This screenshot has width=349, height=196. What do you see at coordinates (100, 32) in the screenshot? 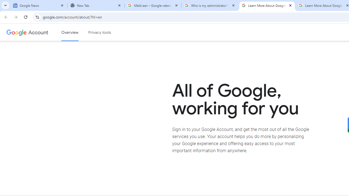
I see `'Privacy tools'` at bounding box center [100, 32].